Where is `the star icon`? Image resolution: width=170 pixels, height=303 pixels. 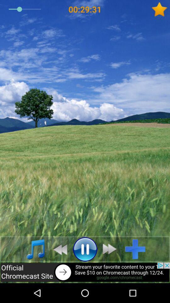 the star icon is located at coordinates (161, 9).